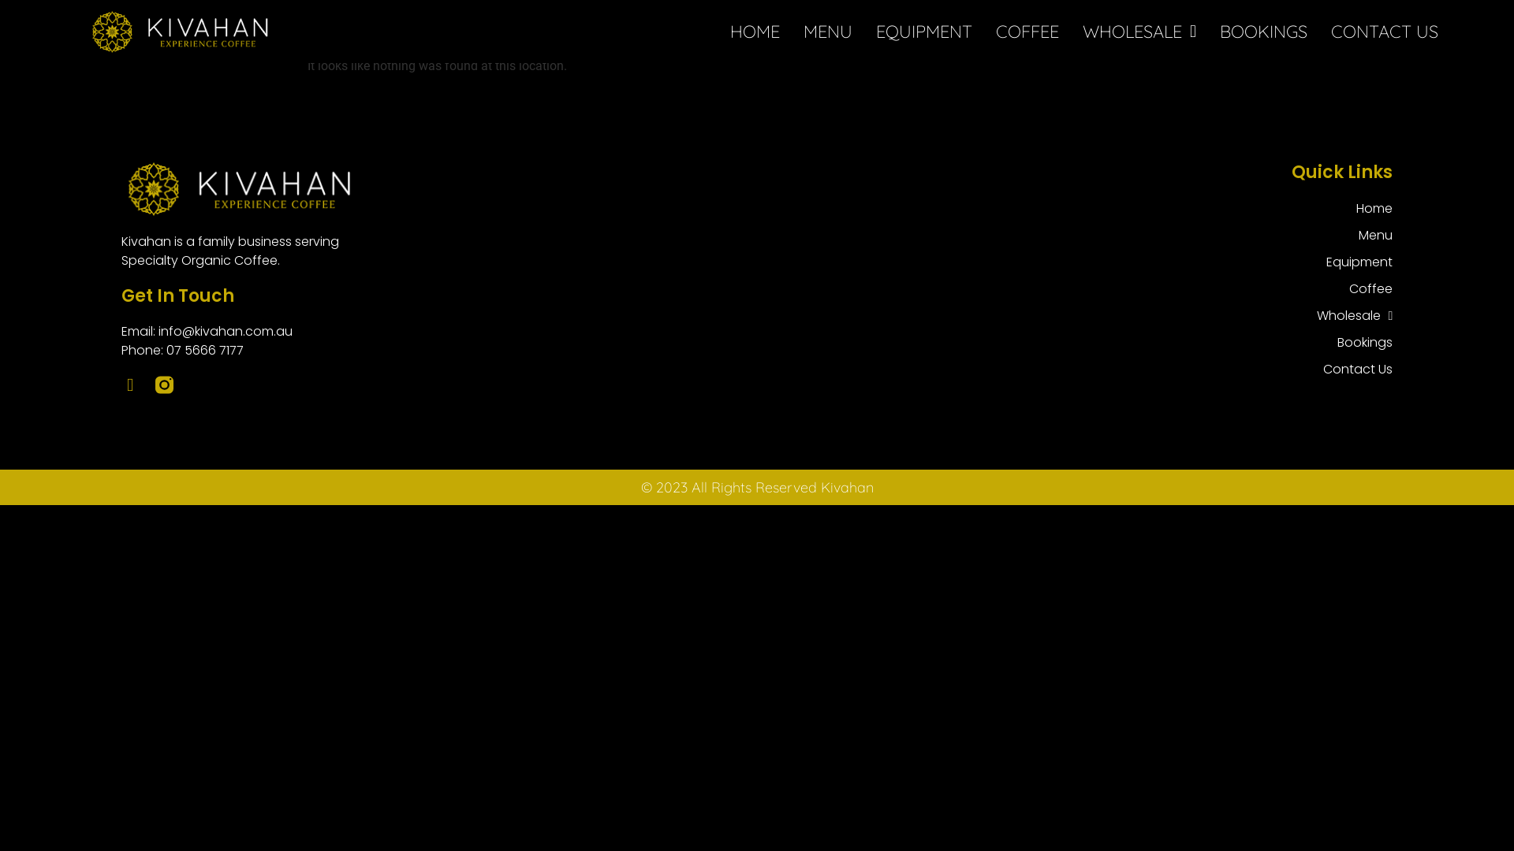  Describe the element at coordinates (1354, 316) in the screenshot. I see `'Wholesale'` at that location.